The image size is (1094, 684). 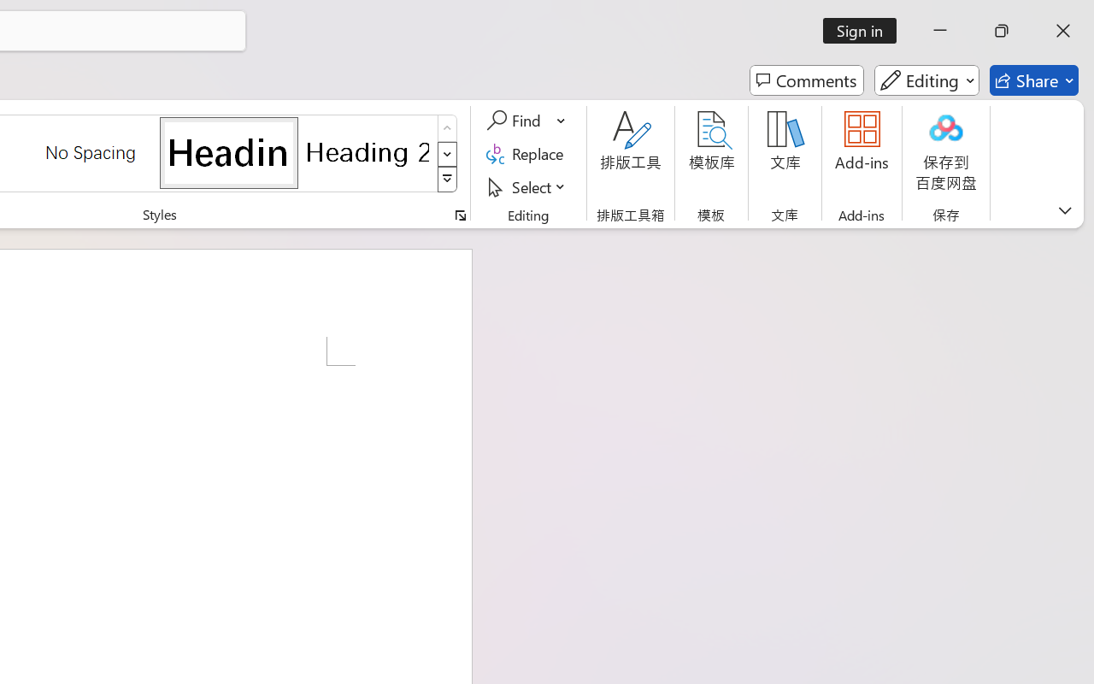 I want to click on 'Sign in', so click(x=866, y=30).